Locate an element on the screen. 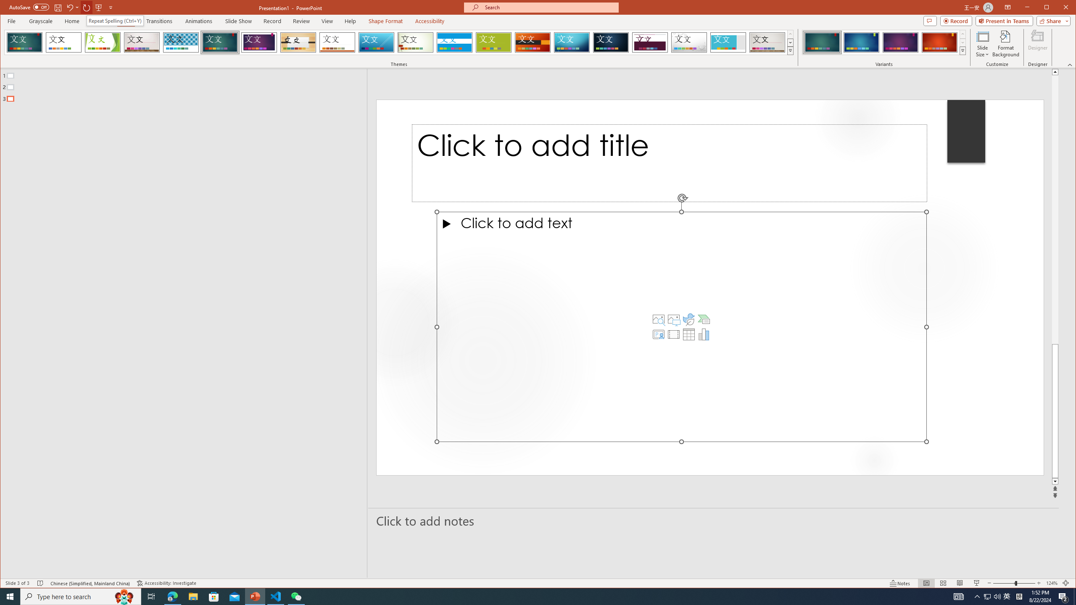 The width and height of the screenshot is (1076, 605). 'Retrospect' is located at coordinates (337, 42).